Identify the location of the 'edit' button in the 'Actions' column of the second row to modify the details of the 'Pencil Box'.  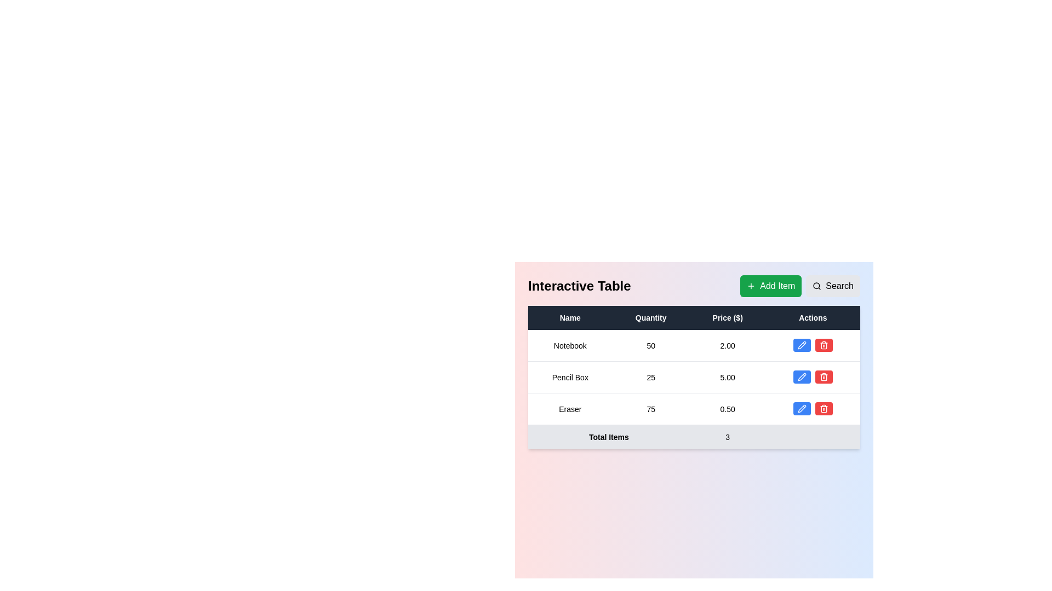
(802, 376).